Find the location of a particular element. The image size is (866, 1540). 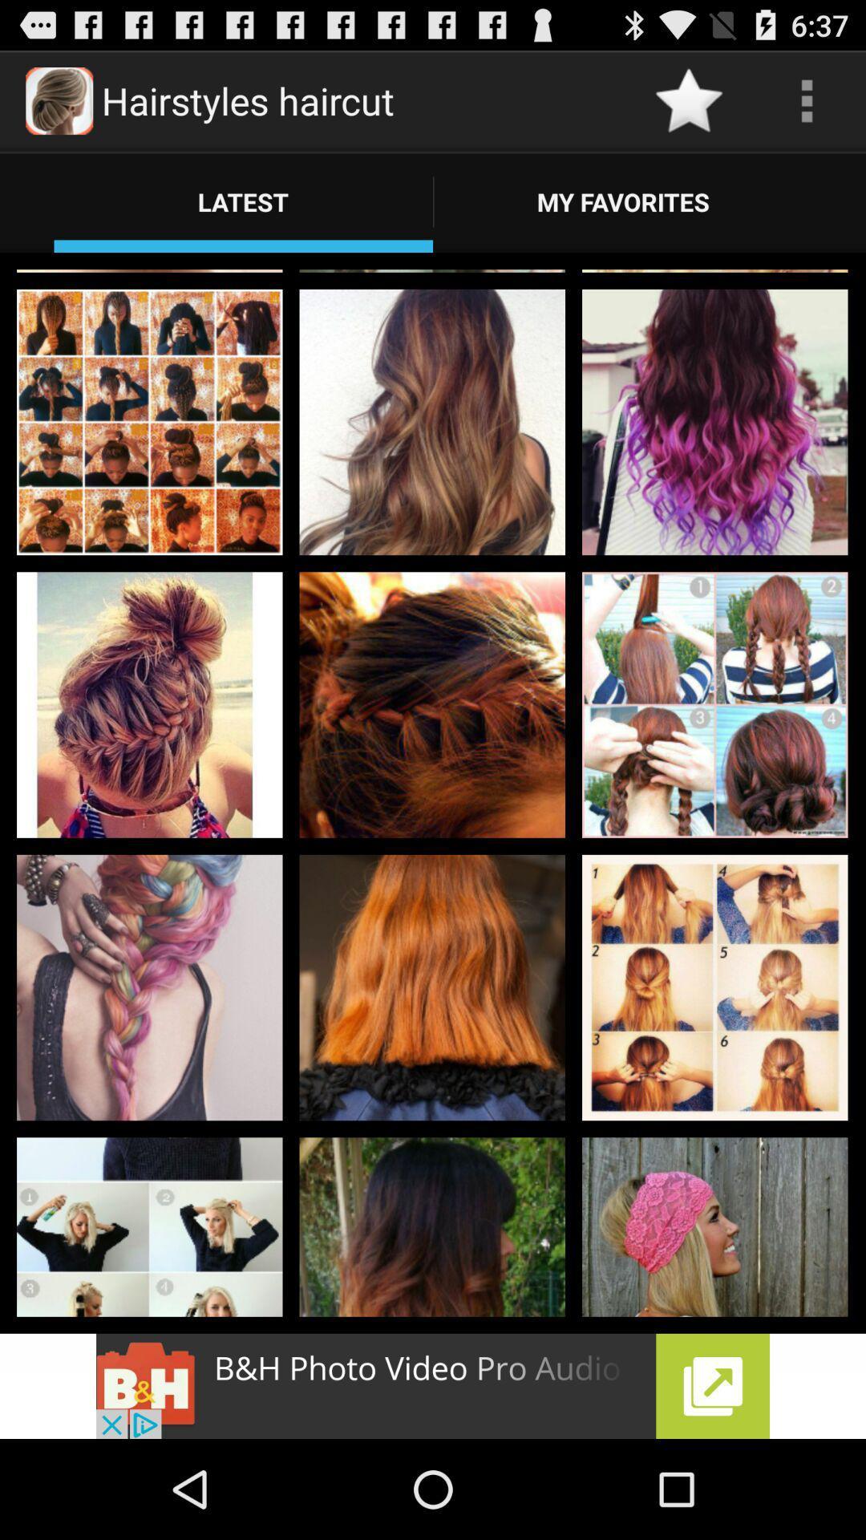

main menu is located at coordinates (807, 99).